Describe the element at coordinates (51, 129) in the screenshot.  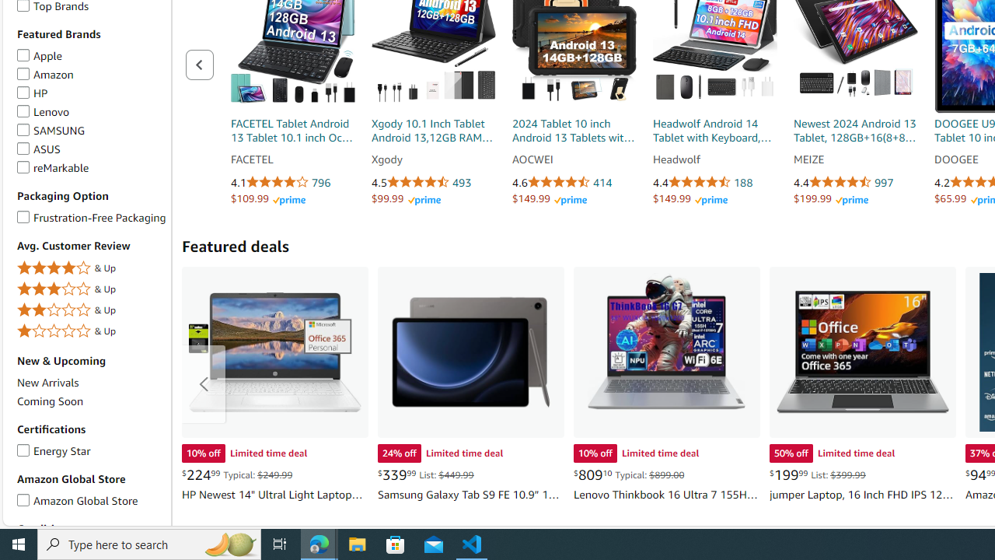
I see `'SAMSUNG SAMSUNG'` at that location.